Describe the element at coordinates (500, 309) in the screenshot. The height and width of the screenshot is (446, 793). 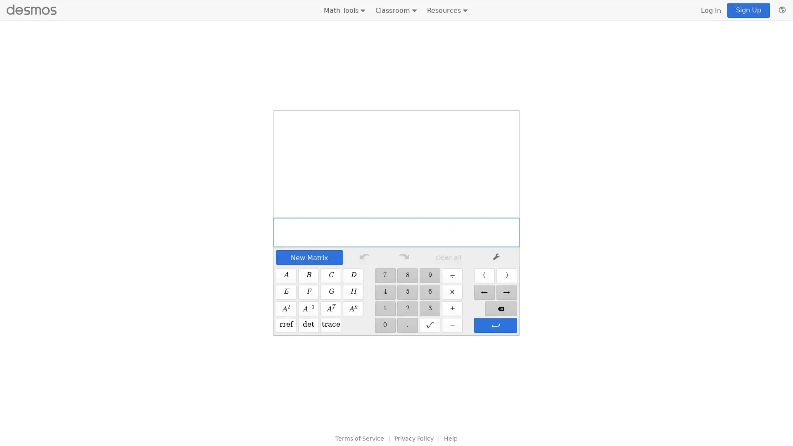
I see `Backspace` at that location.